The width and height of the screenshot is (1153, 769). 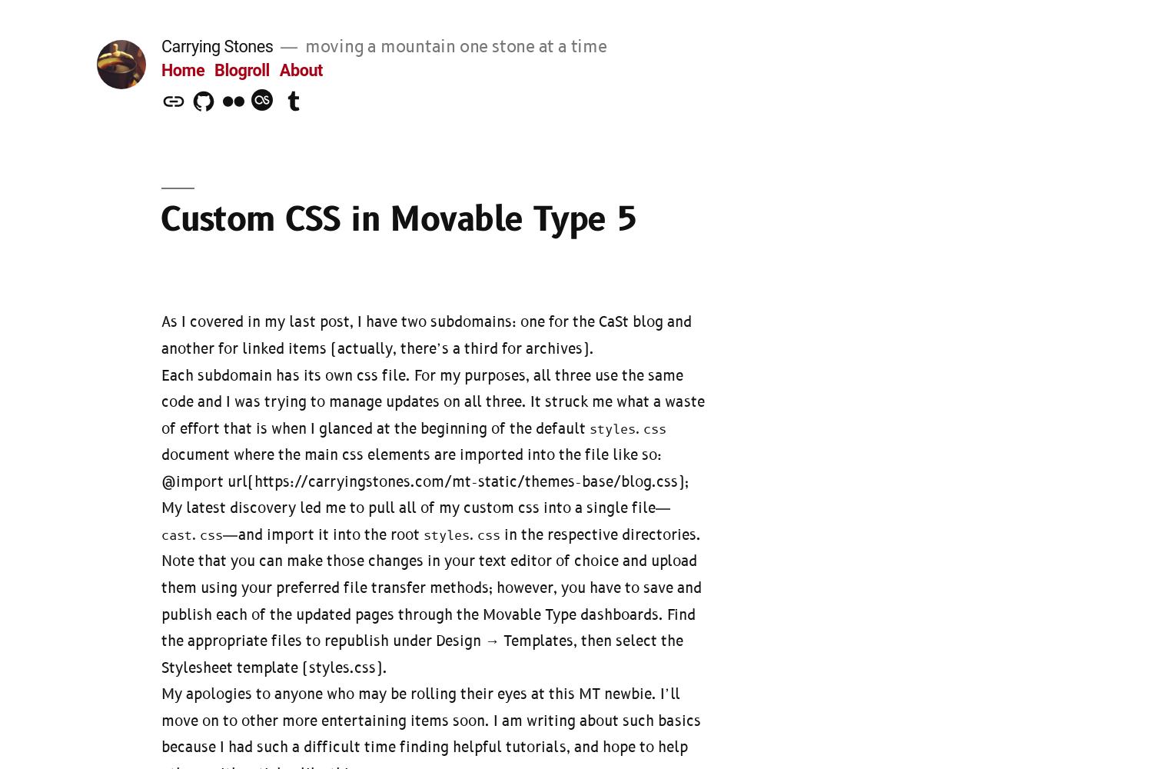 I want to click on 'Home', so click(x=182, y=68).